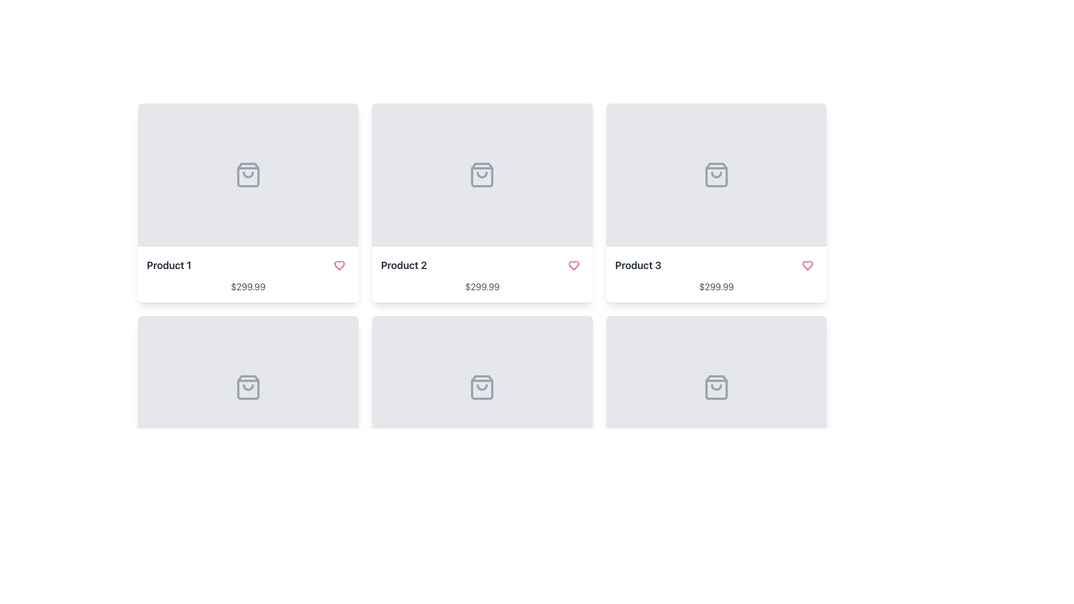 Image resolution: width=1074 pixels, height=604 pixels. I want to click on the shopping bag icon, which is styled with a minimalist design and located in the second row and third column of the product card grid, so click(717, 387).